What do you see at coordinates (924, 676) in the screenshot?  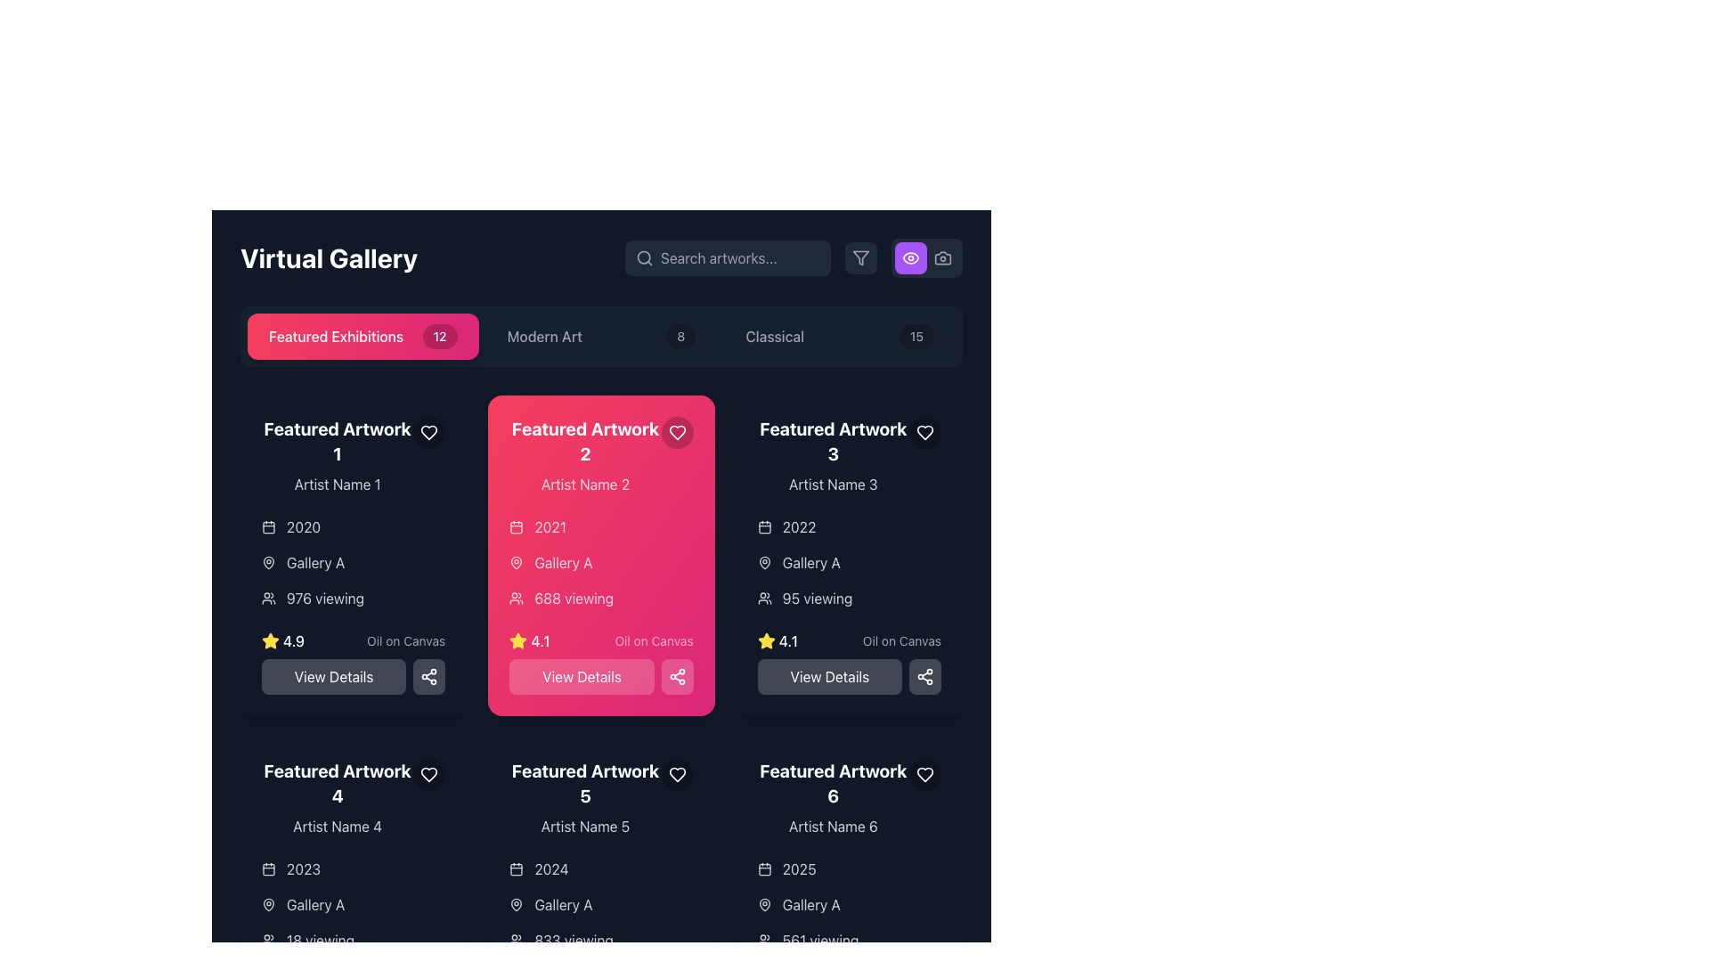 I see `the Share Icon located in the bottom-right corner of the third artwork card` at bounding box center [924, 676].